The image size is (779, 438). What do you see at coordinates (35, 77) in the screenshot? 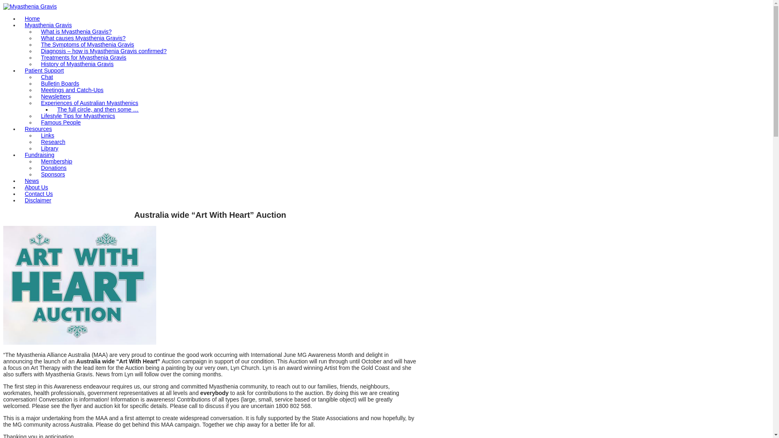
I see `'Chat'` at bounding box center [35, 77].